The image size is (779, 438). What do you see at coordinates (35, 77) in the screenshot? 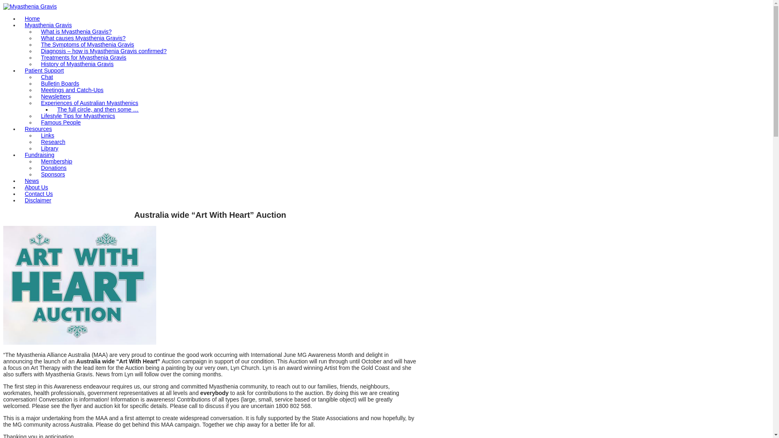
I see `'Chat'` at bounding box center [35, 77].